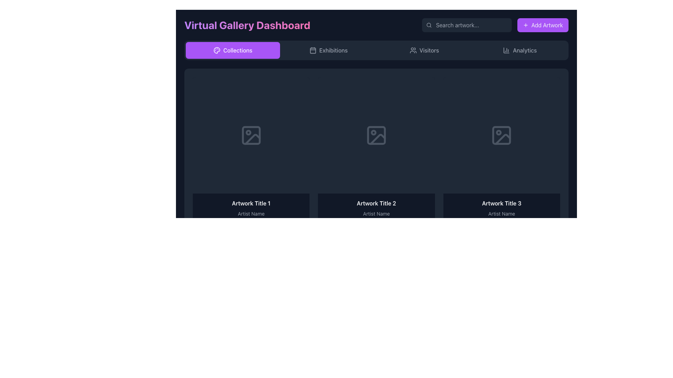 The width and height of the screenshot is (673, 378). Describe the element at coordinates (501, 135) in the screenshot. I see `the image placeholder for 'Artwork Title 3'` at that location.